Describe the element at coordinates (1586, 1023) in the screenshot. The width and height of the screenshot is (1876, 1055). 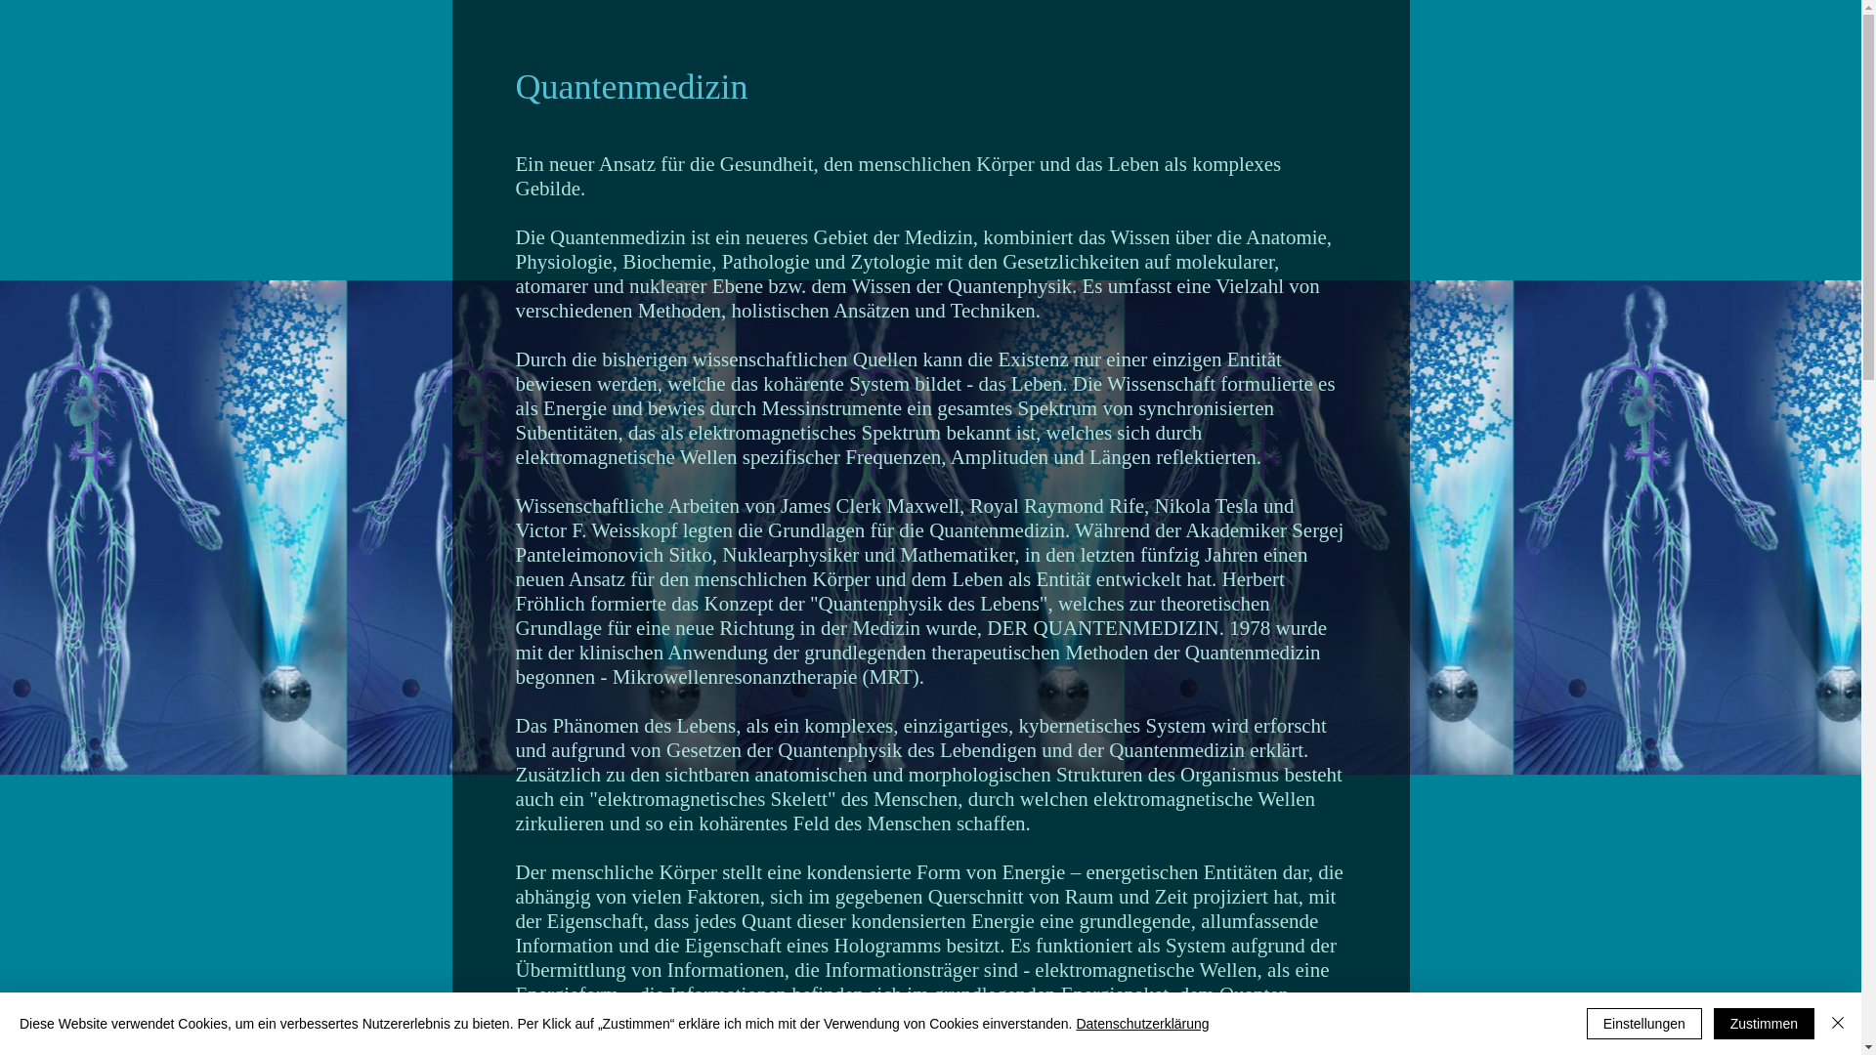
I see `'Einstellungen'` at that location.